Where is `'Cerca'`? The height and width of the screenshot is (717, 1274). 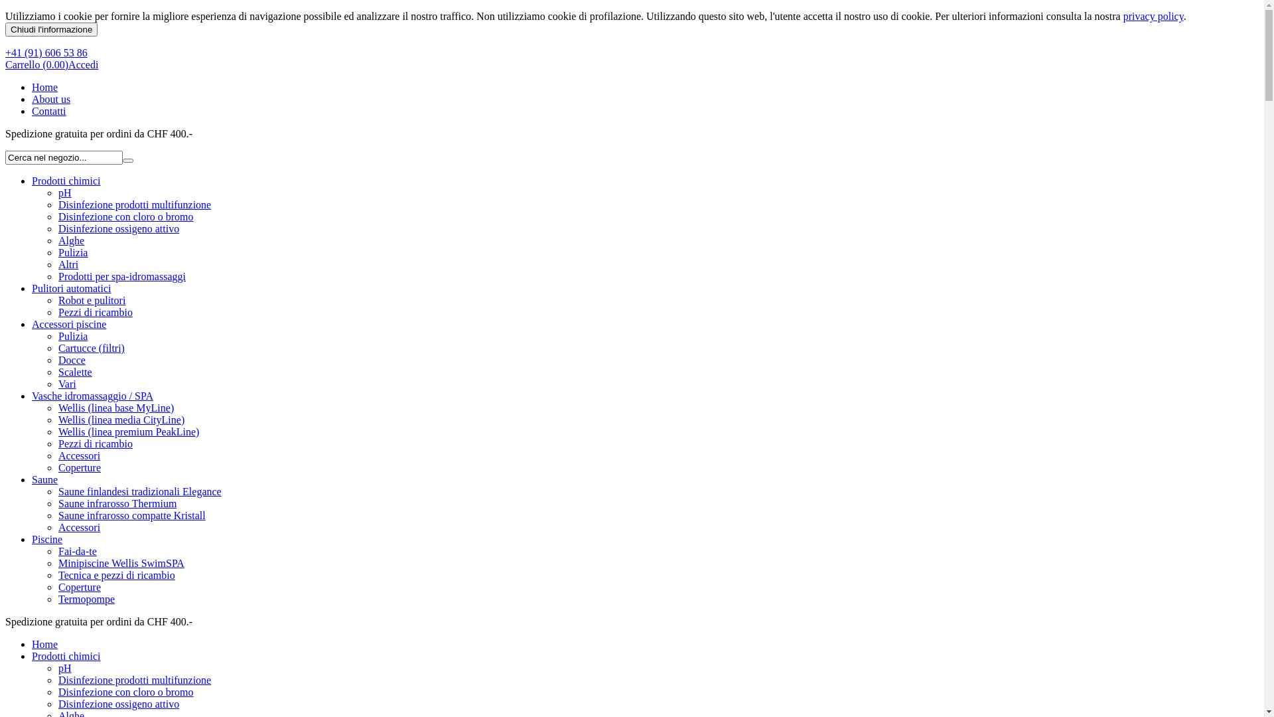
'Cerca' is located at coordinates (127, 160).